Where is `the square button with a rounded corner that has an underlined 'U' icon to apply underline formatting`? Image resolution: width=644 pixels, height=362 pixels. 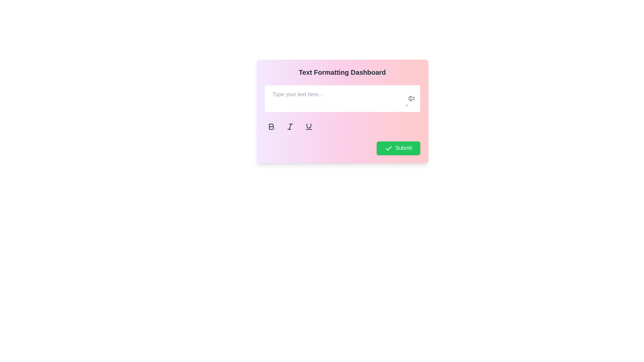 the square button with a rounded corner that has an underlined 'U' icon to apply underline formatting is located at coordinates (308, 127).